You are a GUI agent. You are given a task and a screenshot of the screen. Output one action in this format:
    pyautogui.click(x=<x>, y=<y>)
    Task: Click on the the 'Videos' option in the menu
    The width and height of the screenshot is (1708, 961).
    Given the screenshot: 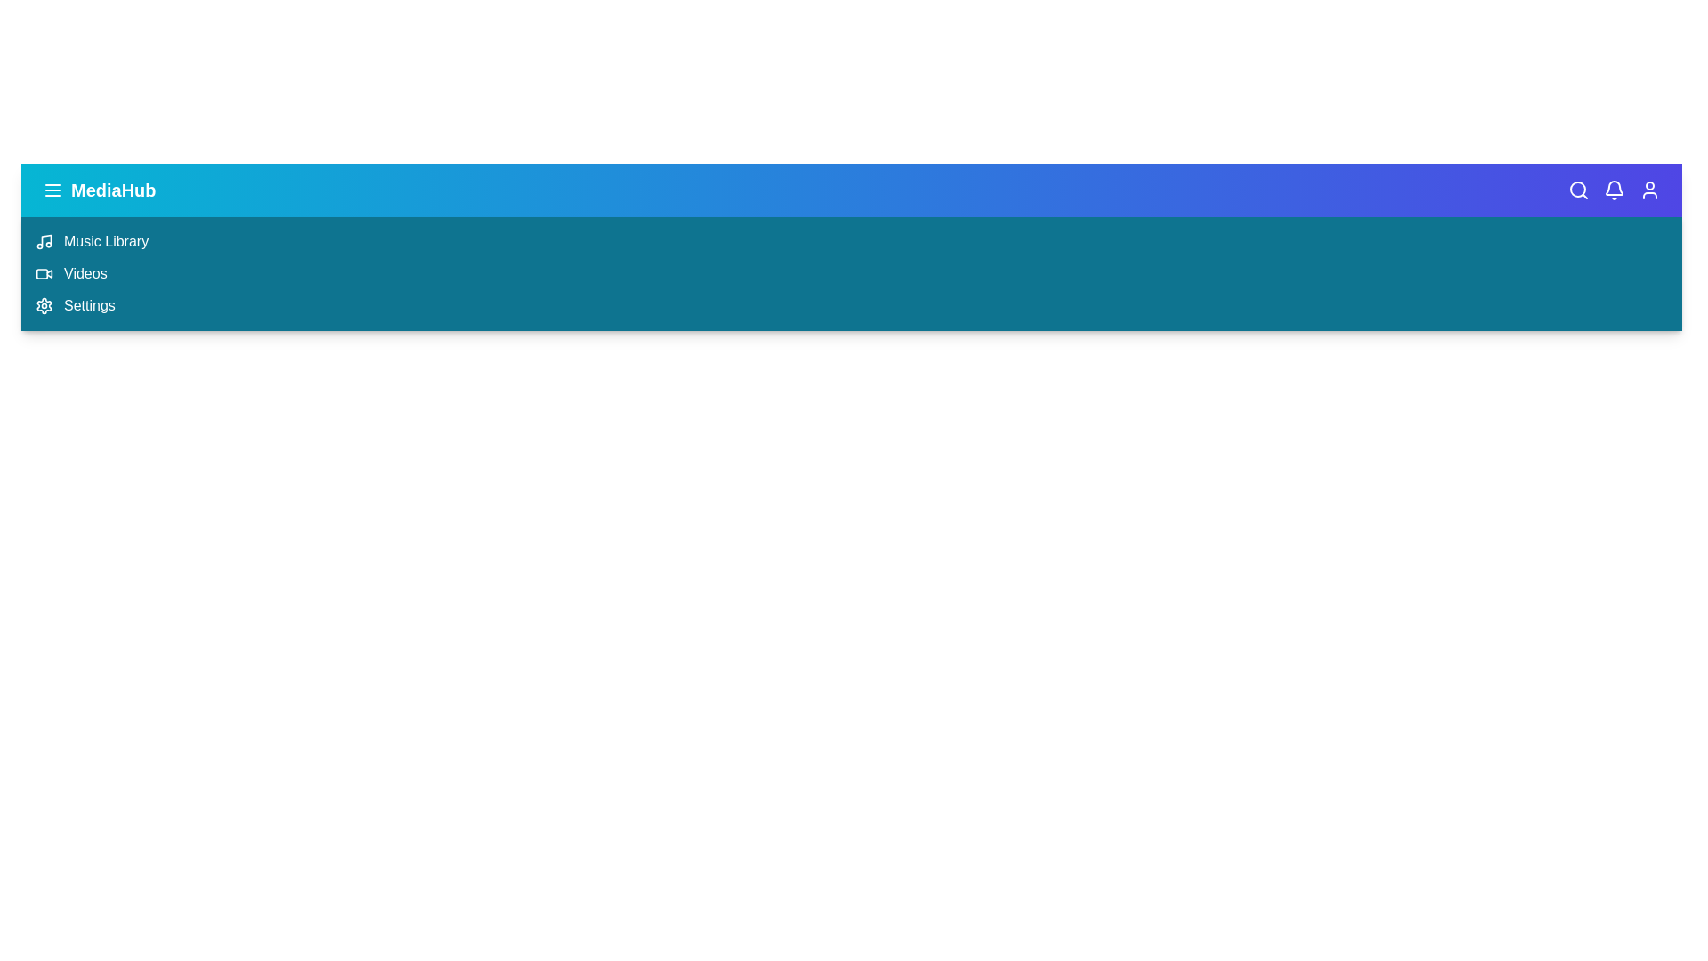 What is the action you would take?
    pyautogui.click(x=85, y=274)
    